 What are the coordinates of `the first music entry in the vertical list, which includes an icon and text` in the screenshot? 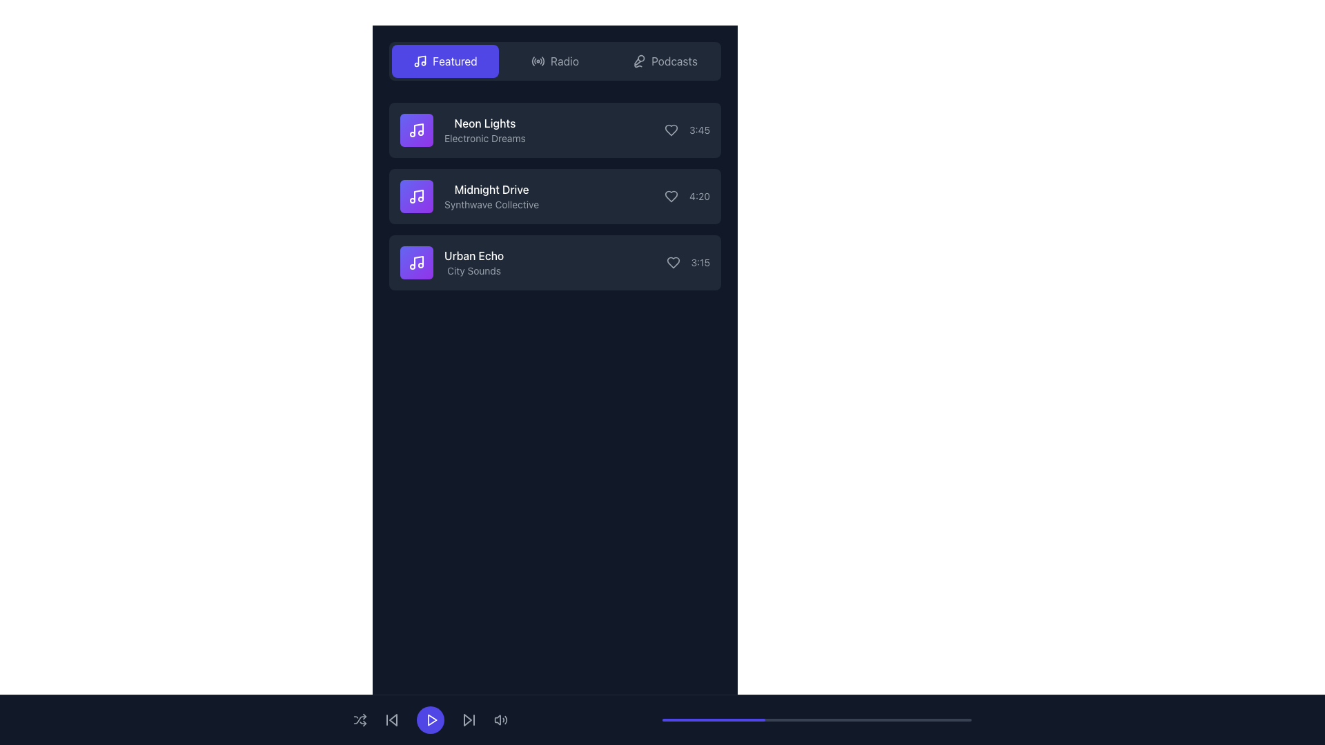 It's located at (462, 130).